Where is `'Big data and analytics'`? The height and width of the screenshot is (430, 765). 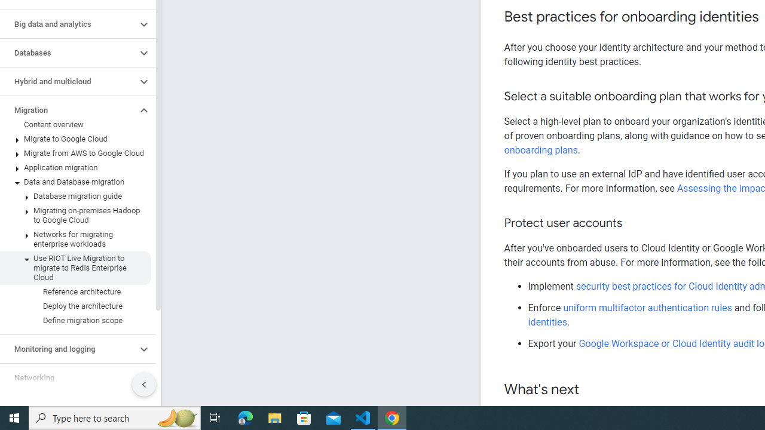 'Big data and analytics' is located at coordinates (68, 24).